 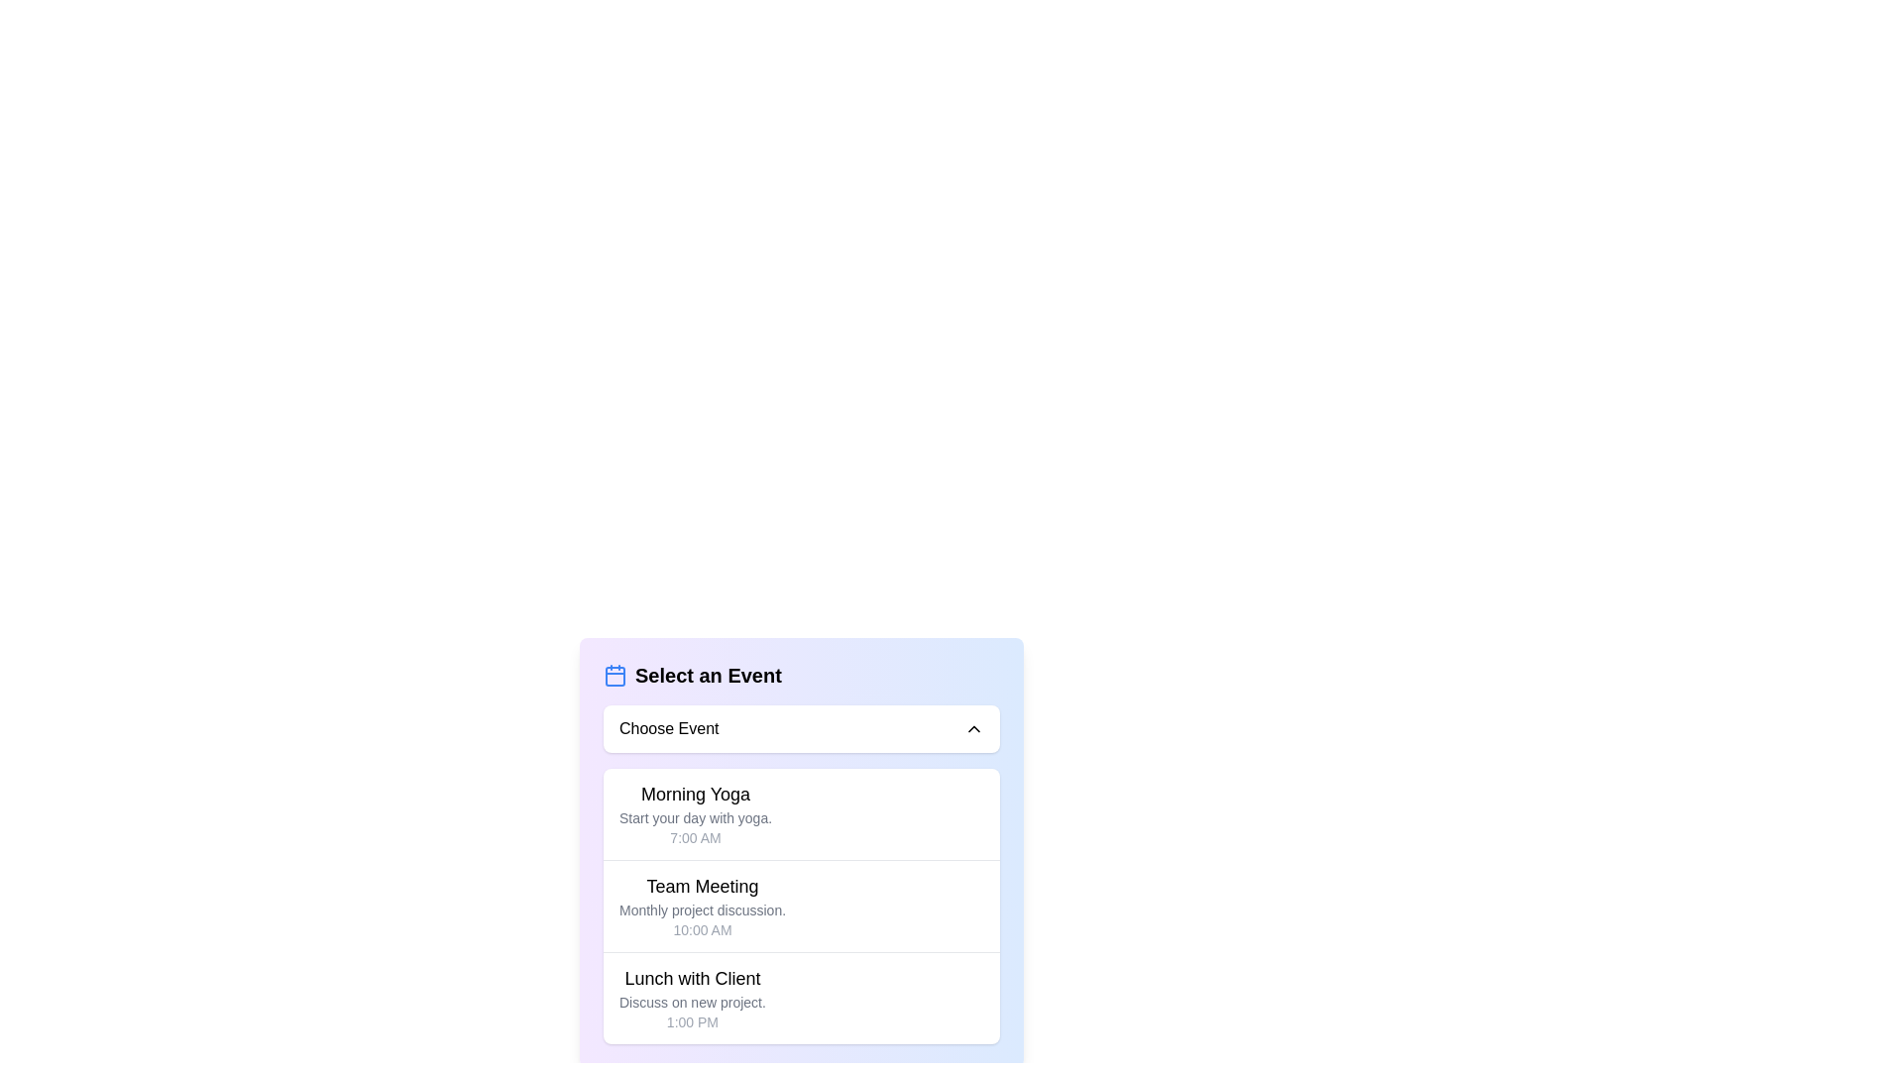 What do you see at coordinates (802, 851) in the screenshot?
I see `the interactive dropdown list labeled 'Select an Event'` at bounding box center [802, 851].